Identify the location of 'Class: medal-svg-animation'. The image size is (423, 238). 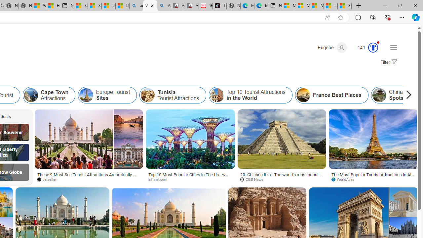
(373, 47).